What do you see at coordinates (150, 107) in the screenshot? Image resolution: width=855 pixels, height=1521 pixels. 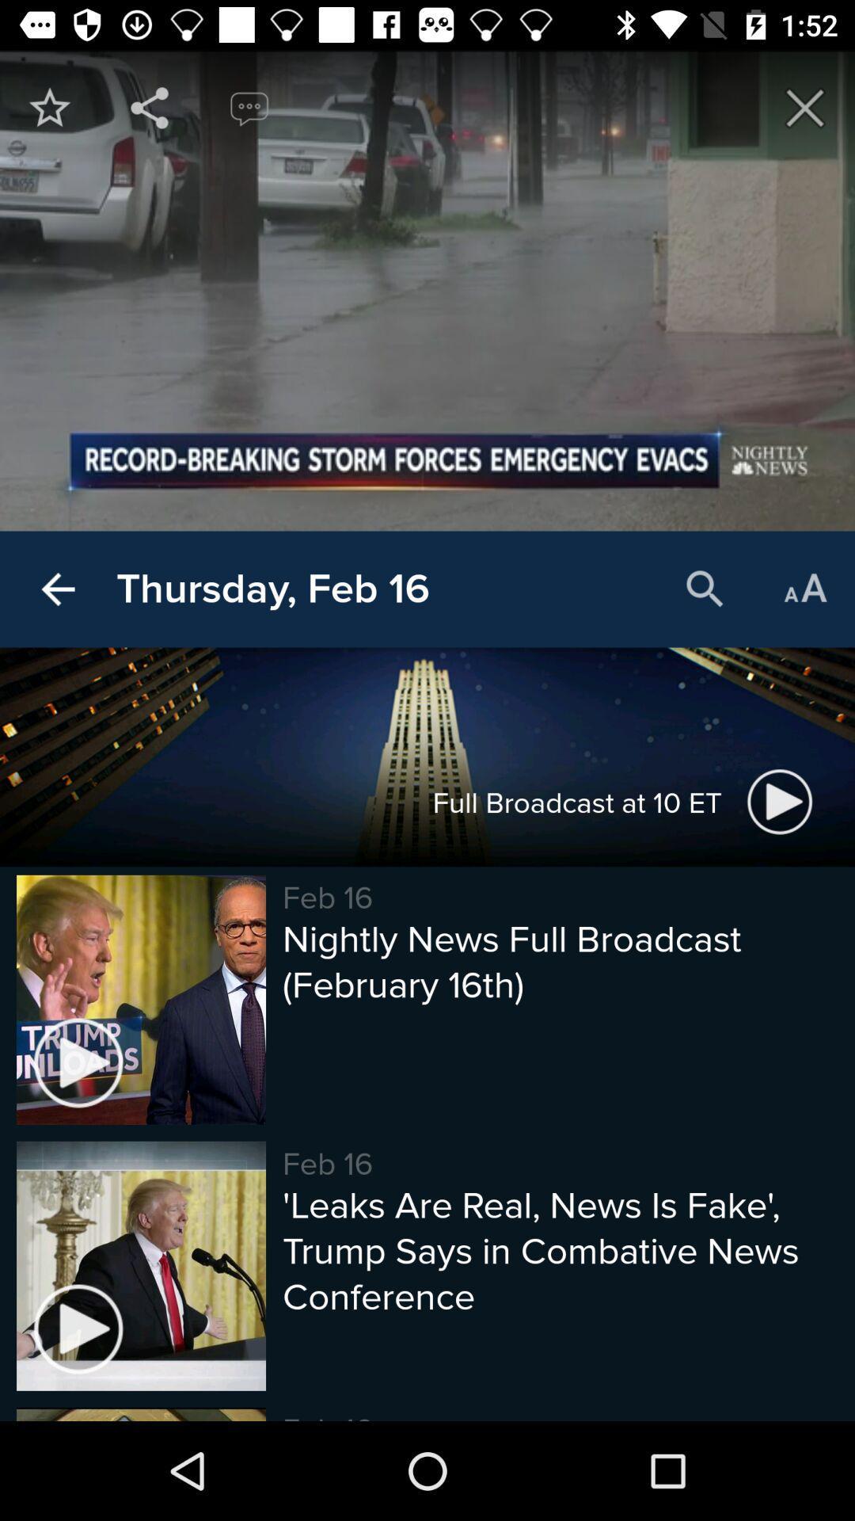 I see `share` at bounding box center [150, 107].